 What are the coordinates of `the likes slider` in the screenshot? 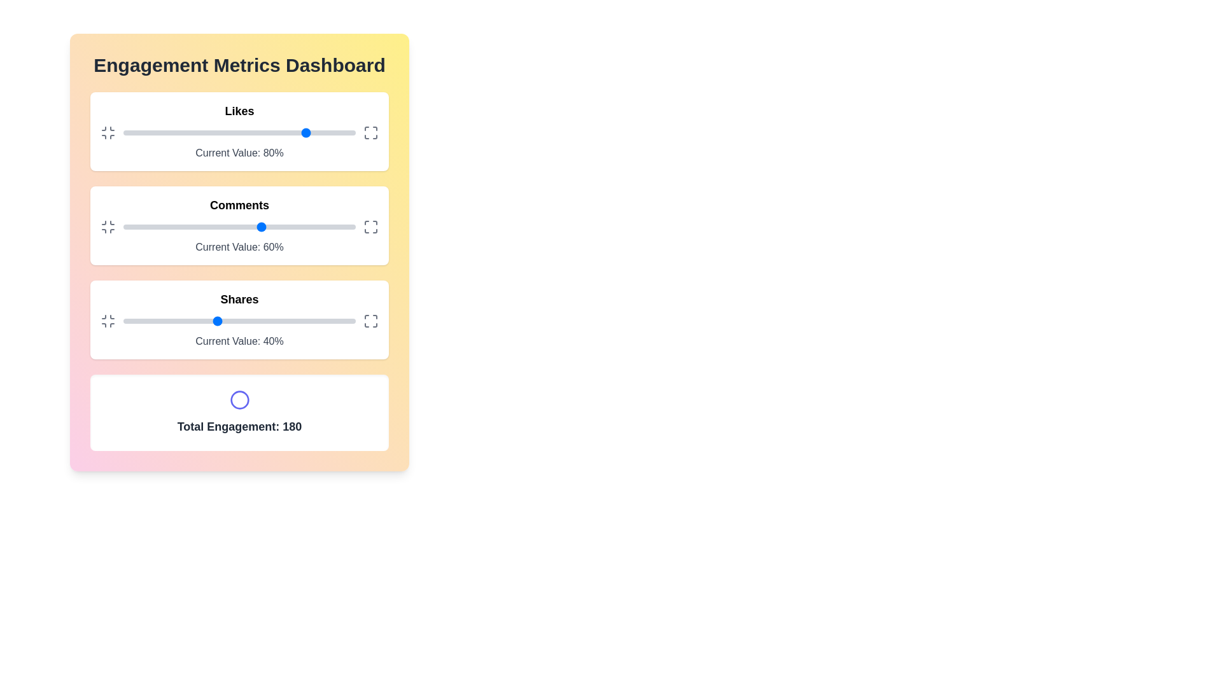 It's located at (325, 132).